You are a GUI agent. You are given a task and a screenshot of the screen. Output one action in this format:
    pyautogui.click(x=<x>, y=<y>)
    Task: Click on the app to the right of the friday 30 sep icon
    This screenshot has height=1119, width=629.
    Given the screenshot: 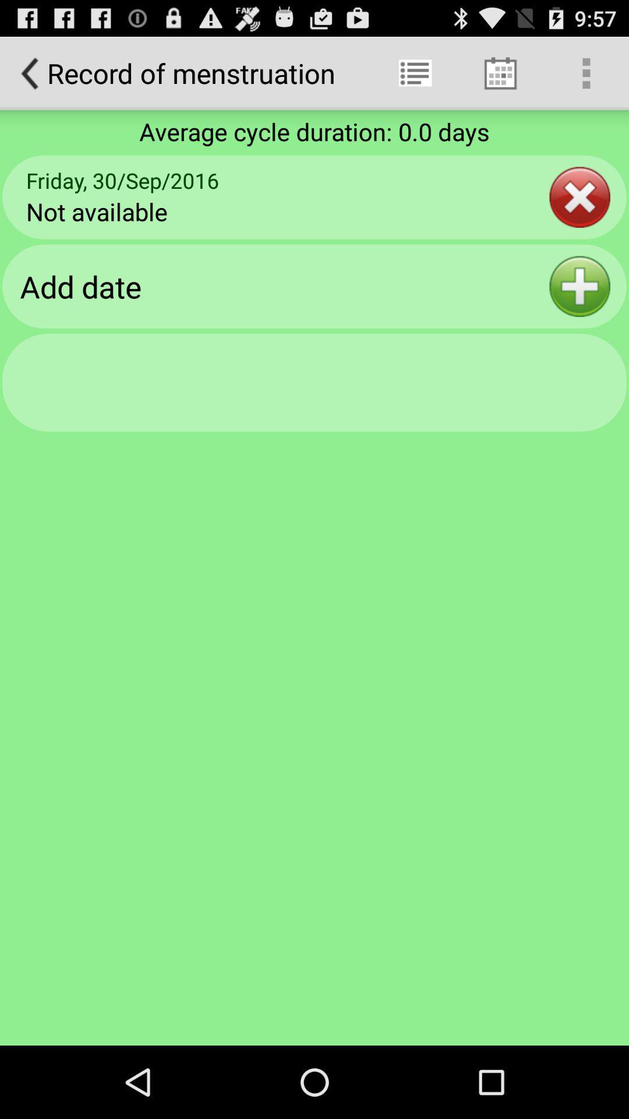 What is the action you would take?
    pyautogui.click(x=579, y=197)
    